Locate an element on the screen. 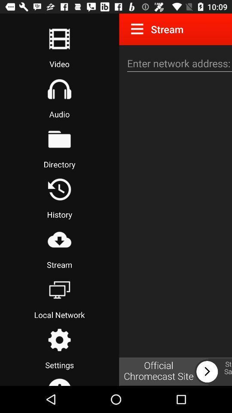 The width and height of the screenshot is (232, 413). downloads is located at coordinates (59, 240).